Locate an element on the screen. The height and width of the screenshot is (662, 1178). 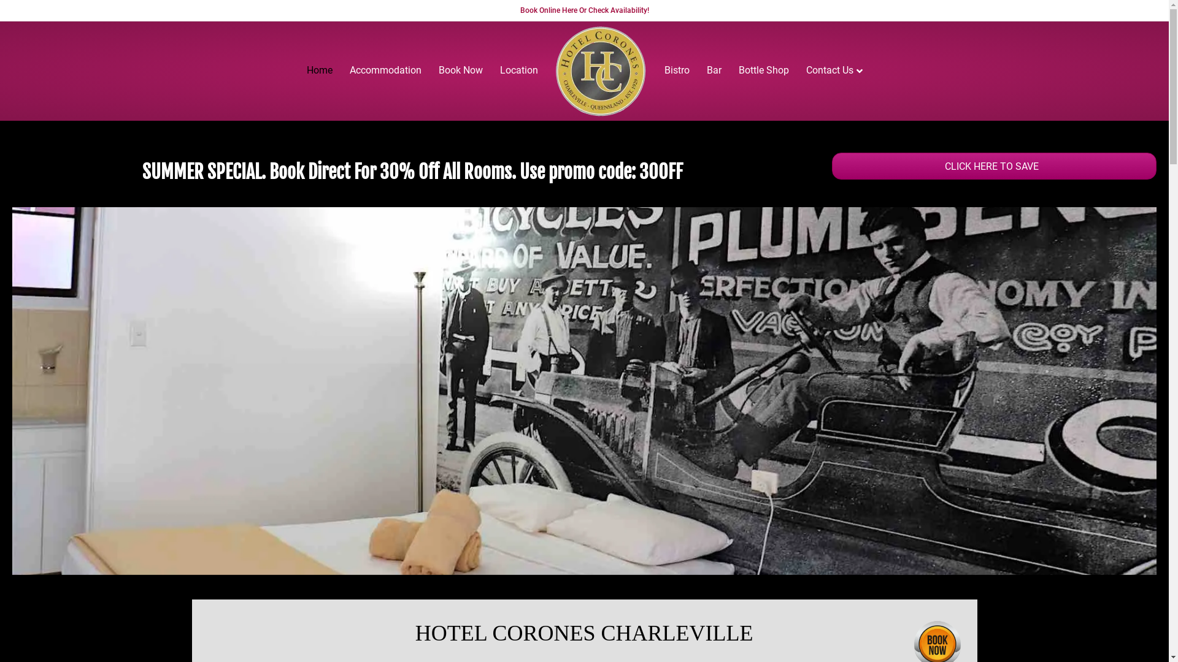
'Book Online Here Or Check Availability!' is located at coordinates (584, 10).